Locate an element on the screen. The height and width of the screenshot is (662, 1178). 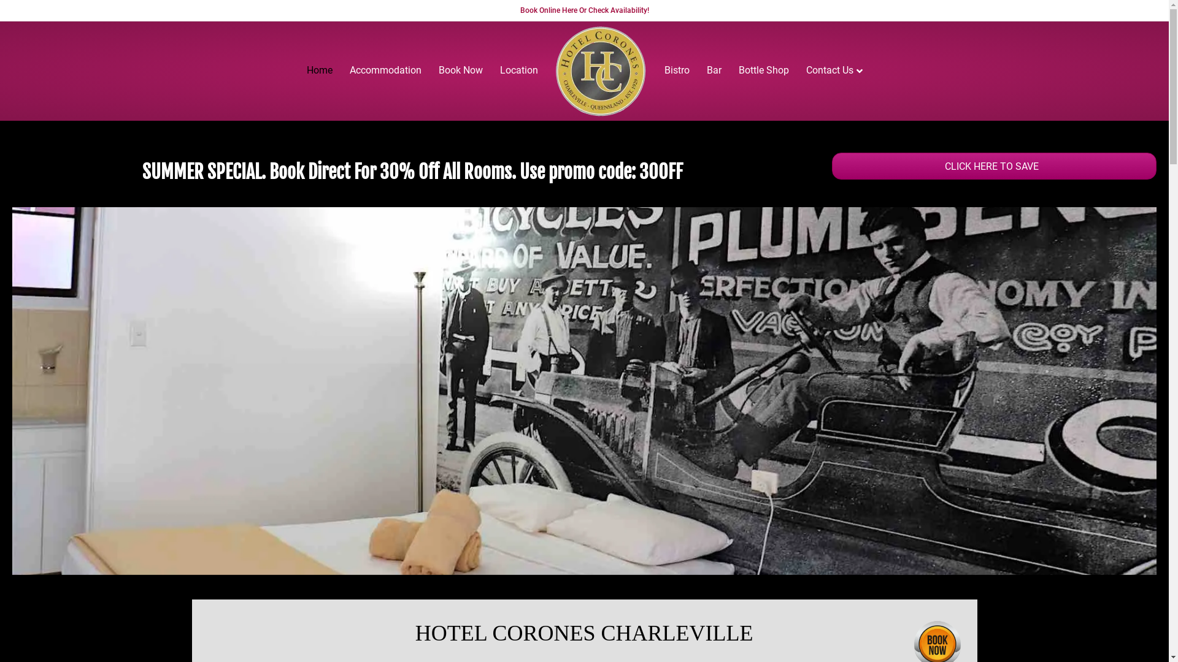
'Book Online Here Or Check Availability!' is located at coordinates (584, 10).